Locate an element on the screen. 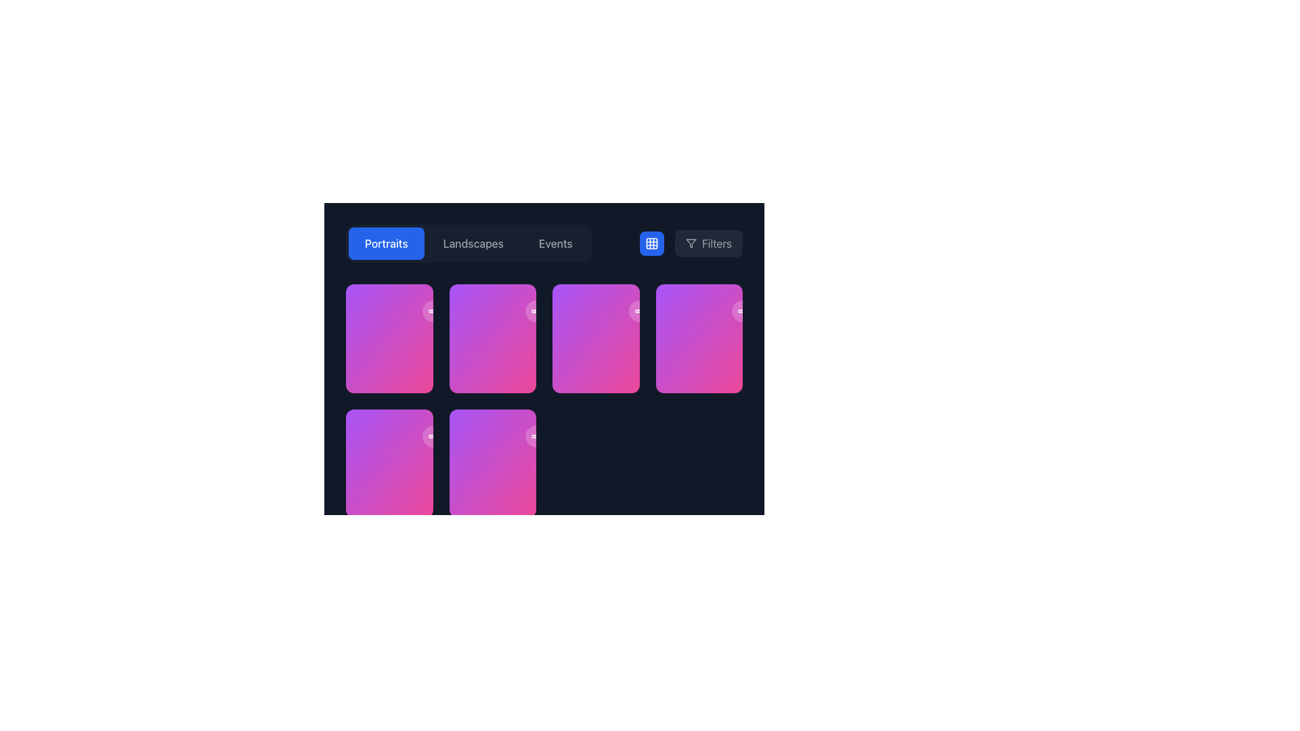  the media information card located in the middle column of the bottom row in the multi-column grid layout is located at coordinates (492, 439).